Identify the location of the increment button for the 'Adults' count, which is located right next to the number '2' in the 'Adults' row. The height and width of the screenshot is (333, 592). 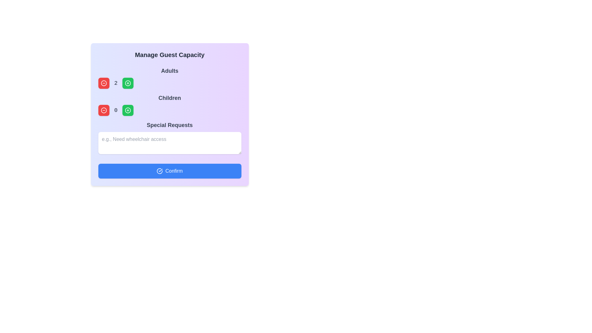
(128, 83).